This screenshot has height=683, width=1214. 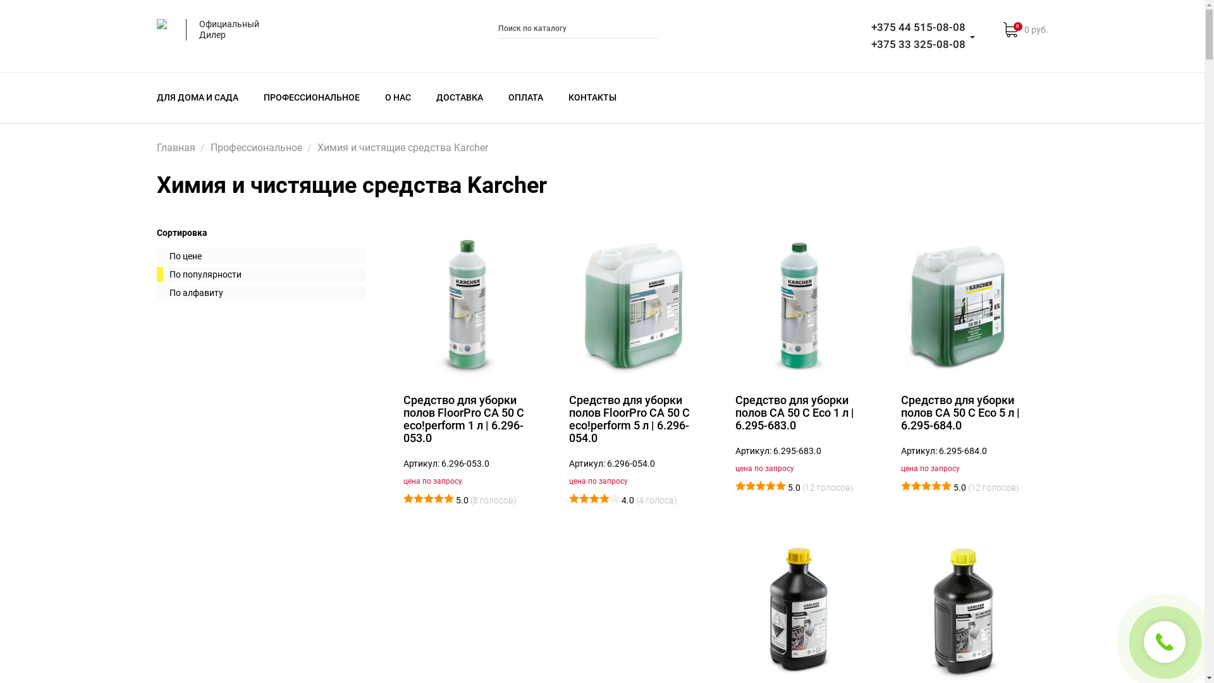 What do you see at coordinates (918, 35) in the screenshot?
I see `'+375 44 515-08-08` at bounding box center [918, 35].